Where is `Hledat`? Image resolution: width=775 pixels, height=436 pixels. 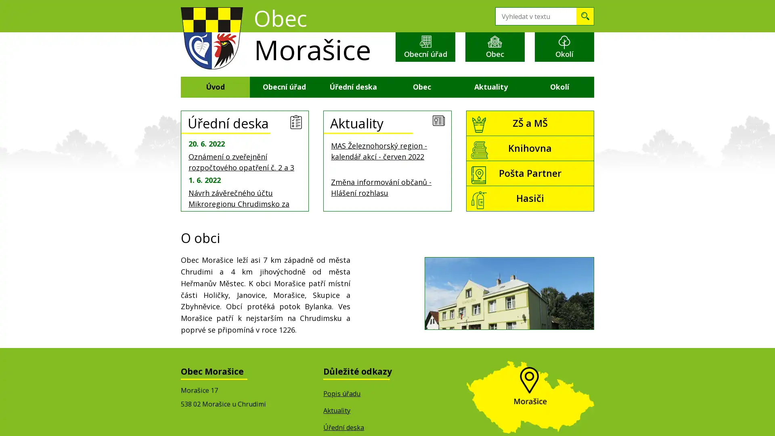
Hledat is located at coordinates (585, 16).